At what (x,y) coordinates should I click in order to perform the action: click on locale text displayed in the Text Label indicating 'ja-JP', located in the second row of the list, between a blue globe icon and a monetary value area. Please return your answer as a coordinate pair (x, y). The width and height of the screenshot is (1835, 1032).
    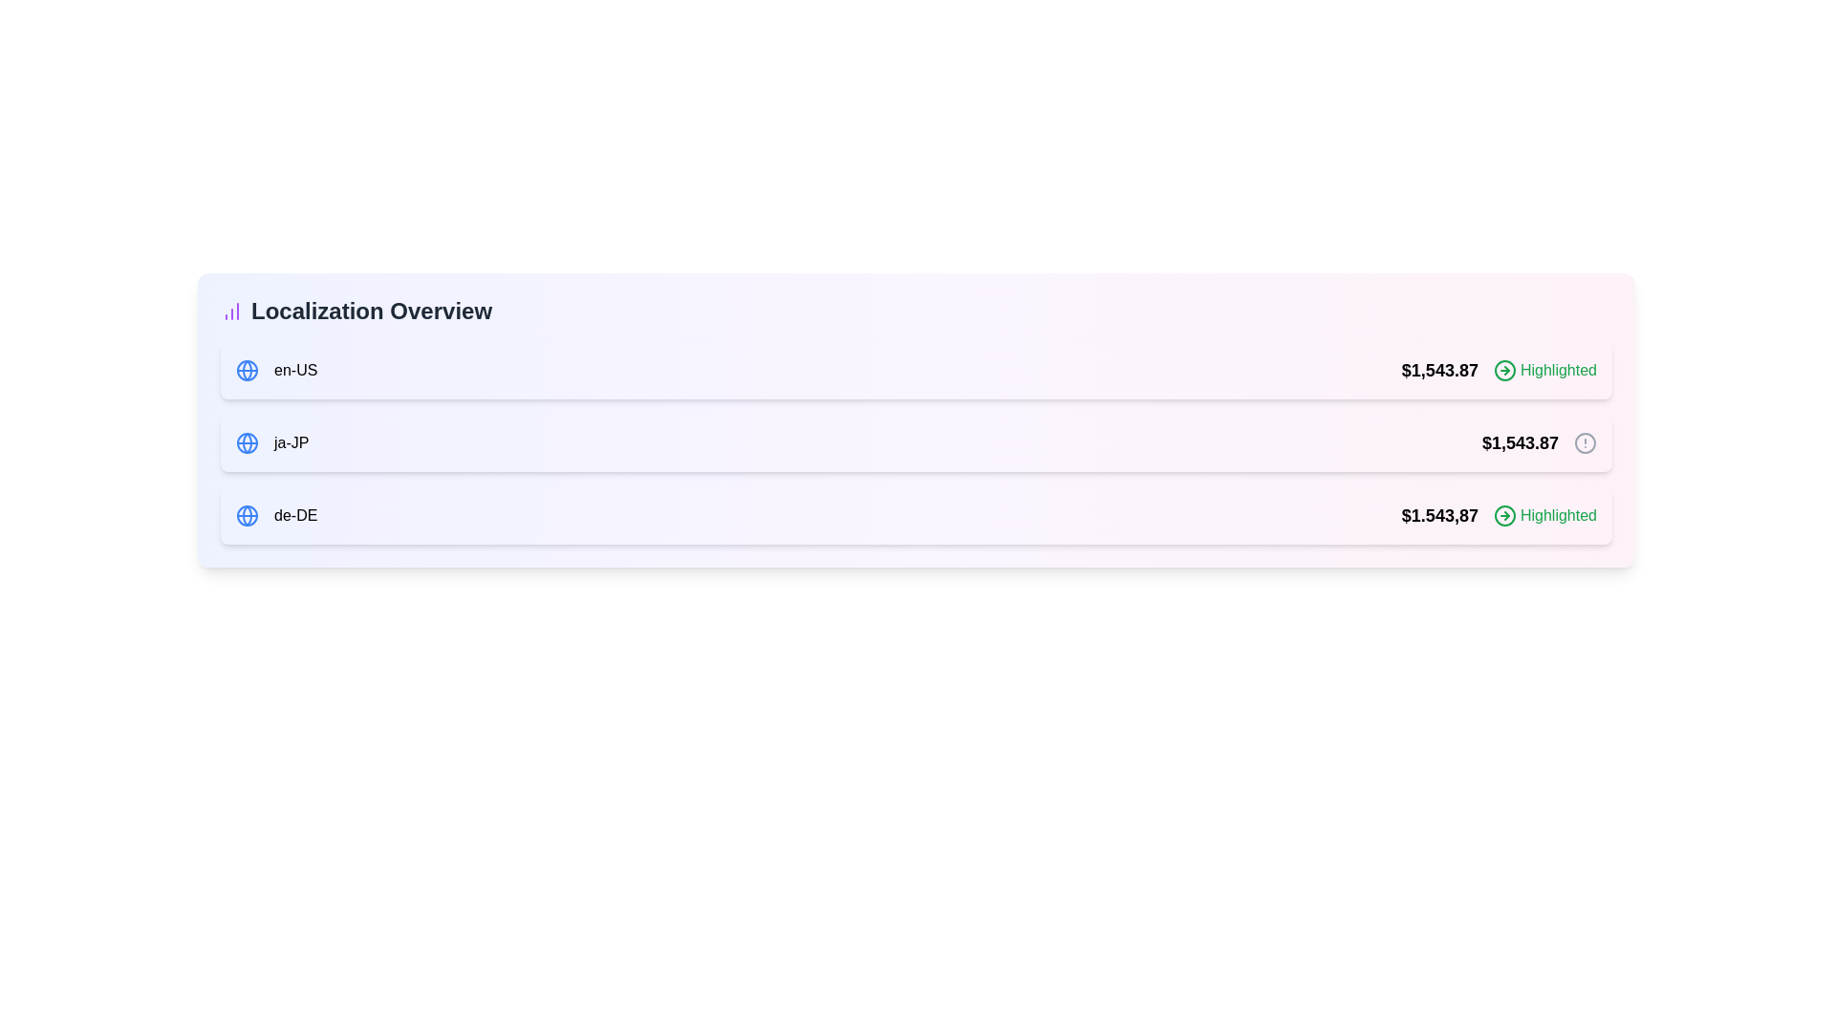
    Looking at the image, I should click on (271, 442).